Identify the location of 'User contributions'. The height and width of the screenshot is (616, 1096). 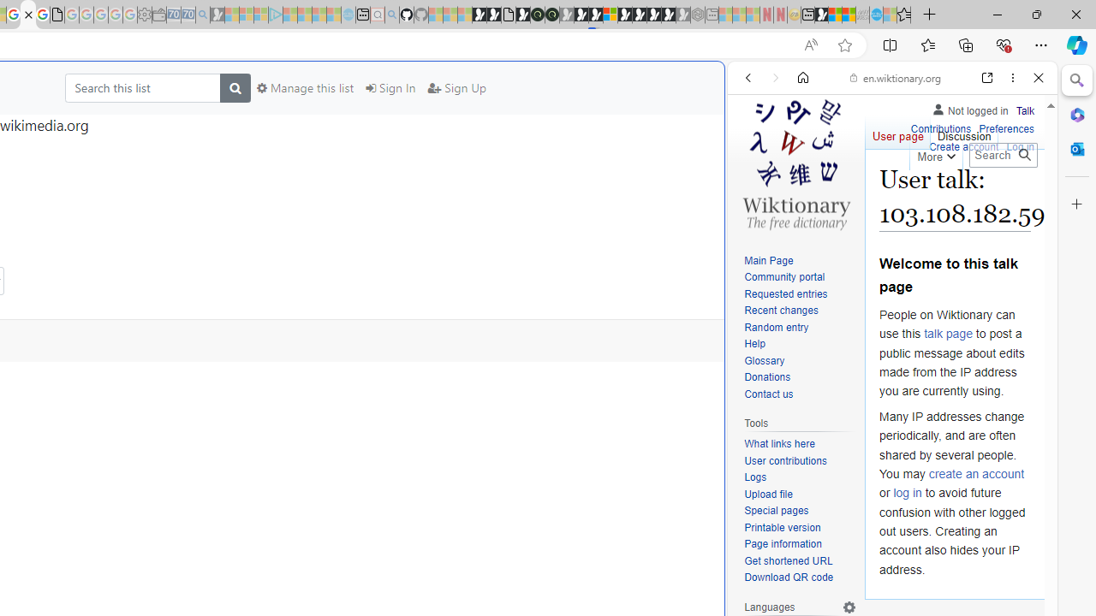
(784, 459).